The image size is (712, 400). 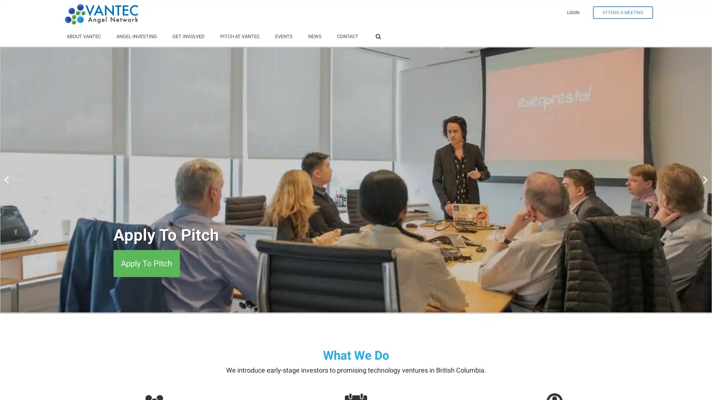 What do you see at coordinates (133, 263) in the screenshot?
I see `Attend` at bounding box center [133, 263].